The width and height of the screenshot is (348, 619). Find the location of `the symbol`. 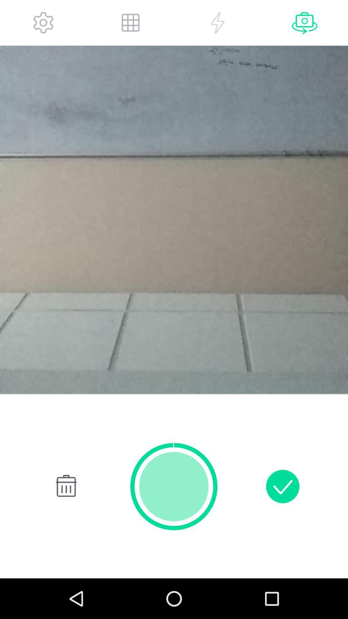

the symbol is located at coordinates (65, 486).